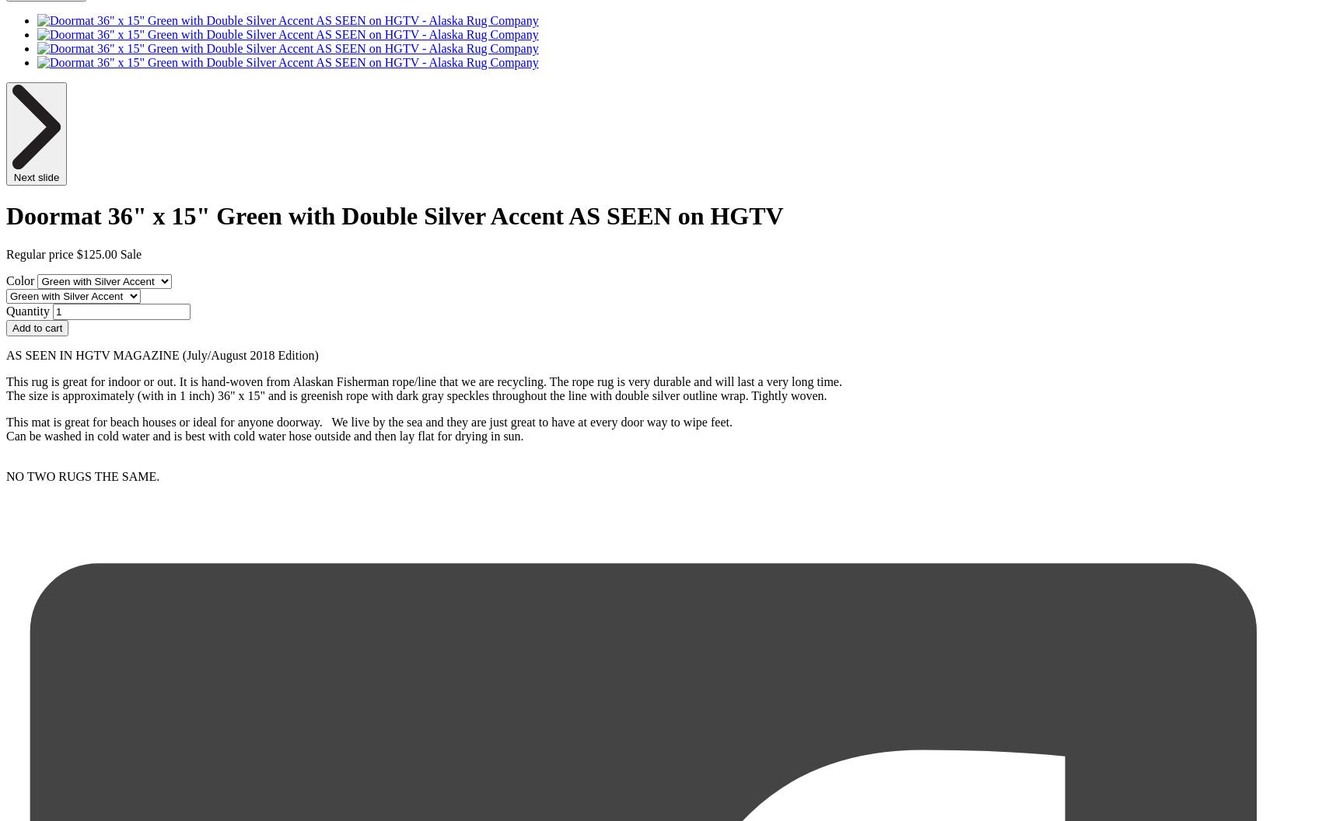 The width and height of the screenshot is (1322, 821). What do you see at coordinates (129, 253) in the screenshot?
I see `'Sale'` at bounding box center [129, 253].